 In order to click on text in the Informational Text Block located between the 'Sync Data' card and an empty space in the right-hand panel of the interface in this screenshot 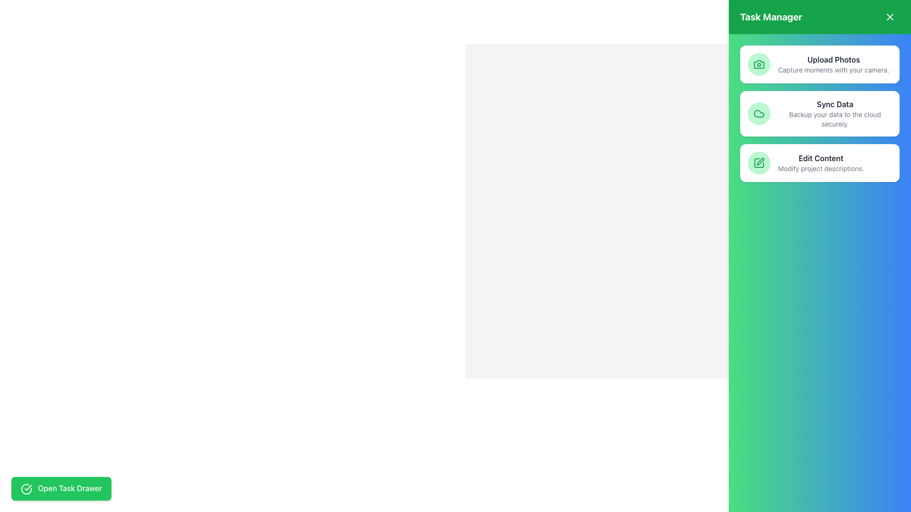, I will do `click(820, 162)`.